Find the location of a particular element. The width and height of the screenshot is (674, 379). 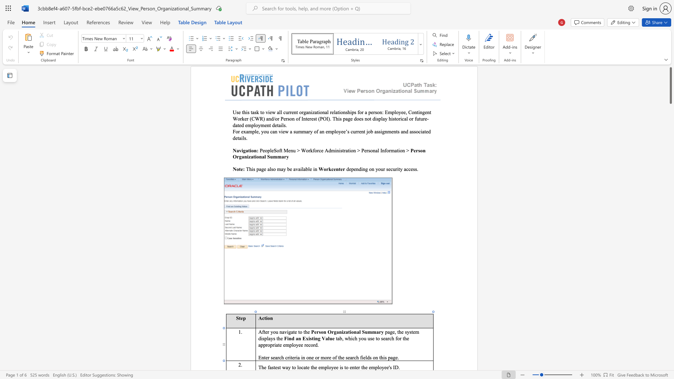

the 2th character "a" in the text is located at coordinates (287, 367).